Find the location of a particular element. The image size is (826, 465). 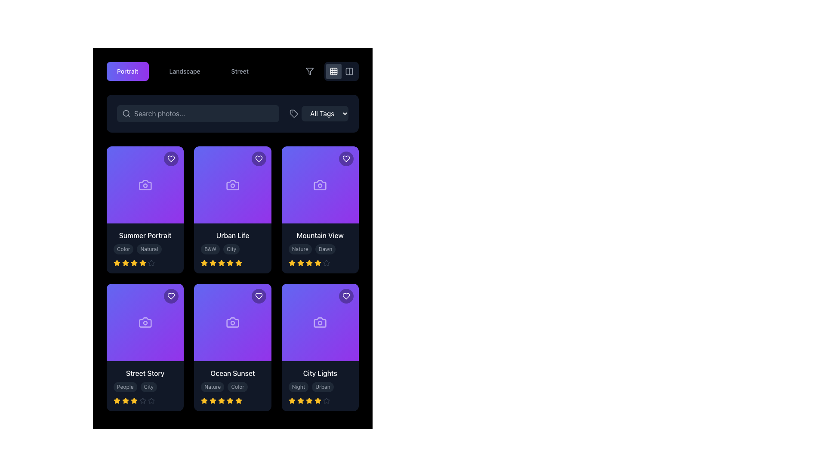

the fourth star icon from the left in the row of five, which is filled with a bright yellow color is located at coordinates (134, 262).